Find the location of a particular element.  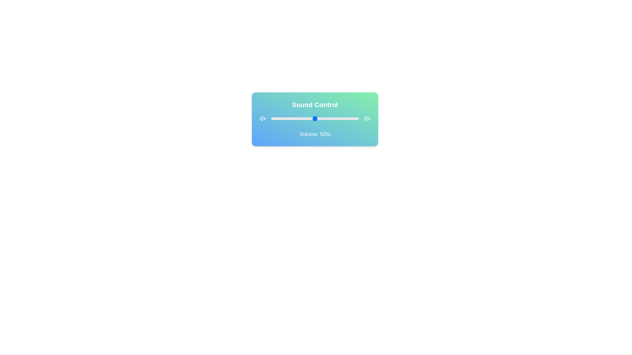

the speaker icon button with a muted indication is located at coordinates (262, 119).